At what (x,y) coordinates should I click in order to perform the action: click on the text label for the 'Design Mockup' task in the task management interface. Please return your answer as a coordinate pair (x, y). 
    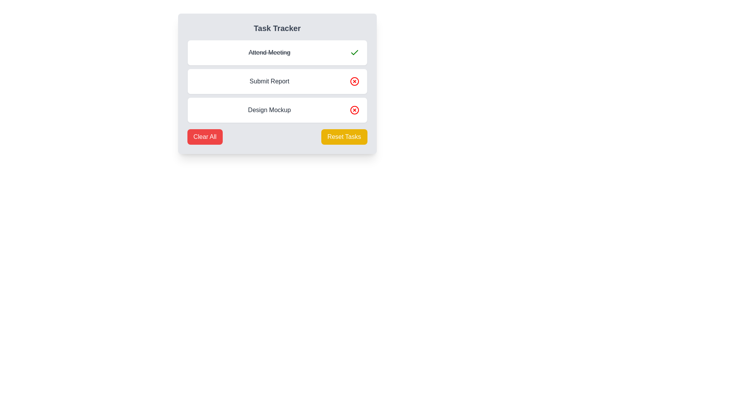
    Looking at the image, I should click on (269, 110).